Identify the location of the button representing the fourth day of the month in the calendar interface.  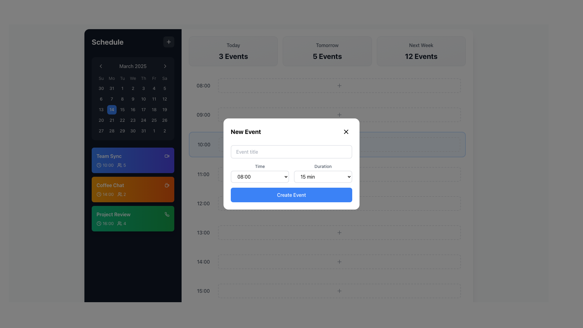
(154, 88).